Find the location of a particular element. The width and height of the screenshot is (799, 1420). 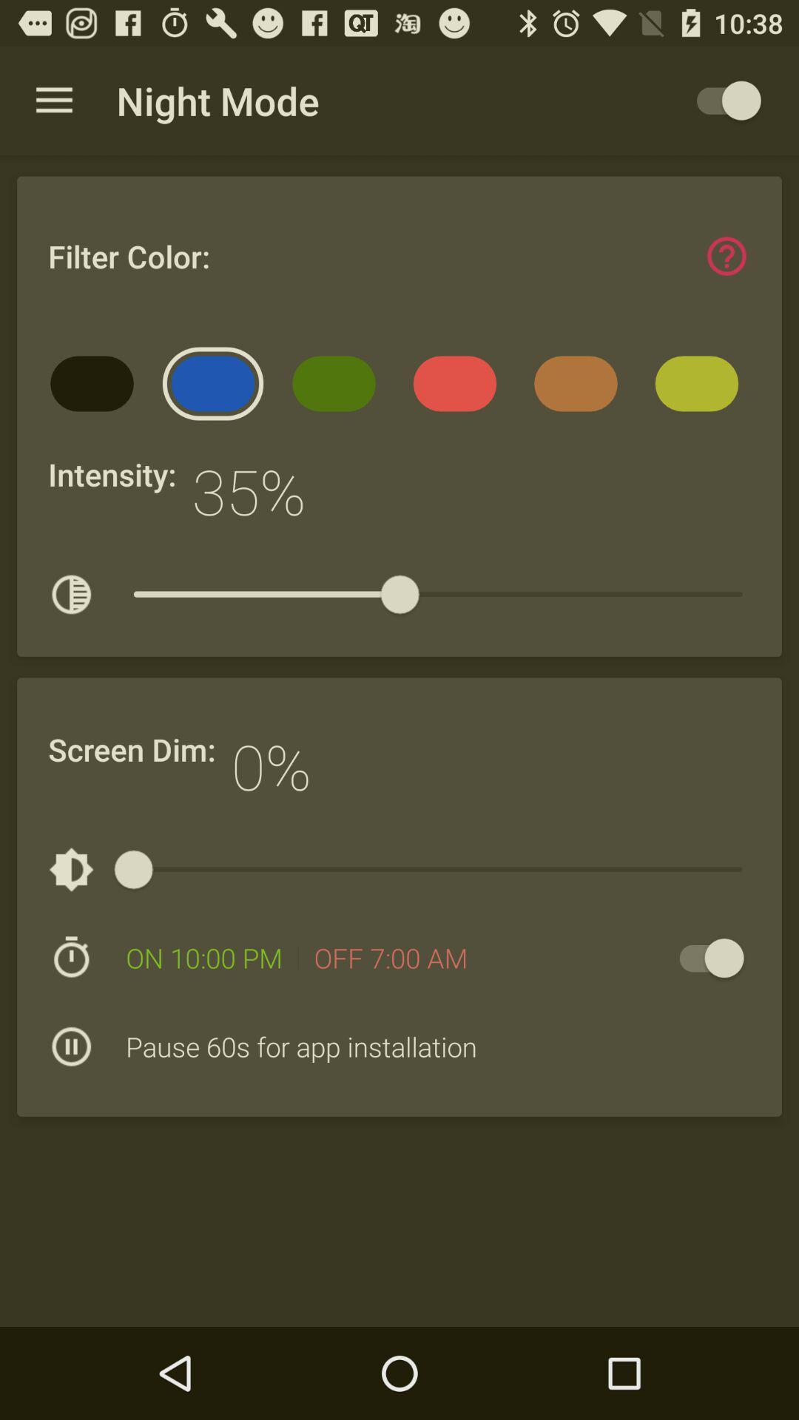

item to the right of off 7 00 is located at coordinates (704, 958).